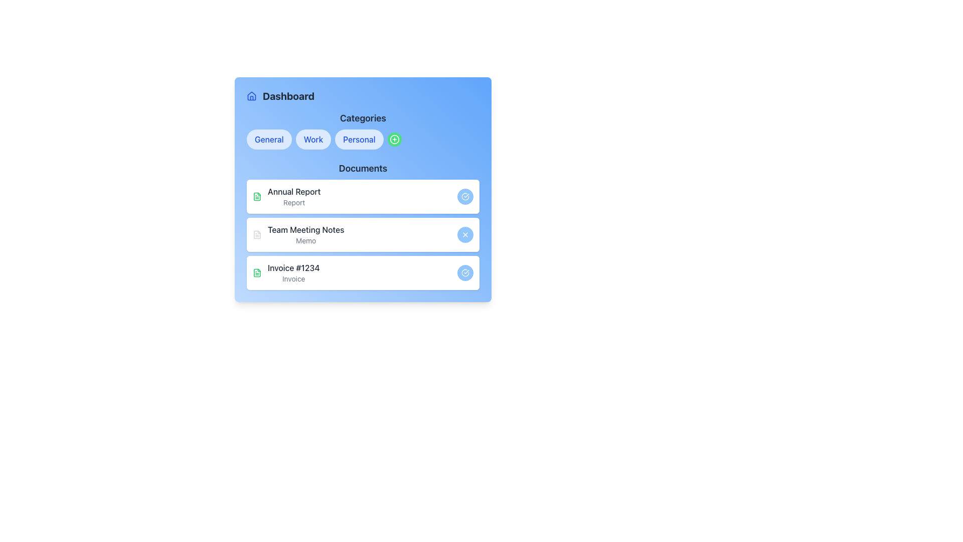  What do you see at coordinates (363, 273) in the screenshot?
I see `the composite card widget representing an invoice located in the 'Documents' section to interact with it` at bounding box center [363, 273].